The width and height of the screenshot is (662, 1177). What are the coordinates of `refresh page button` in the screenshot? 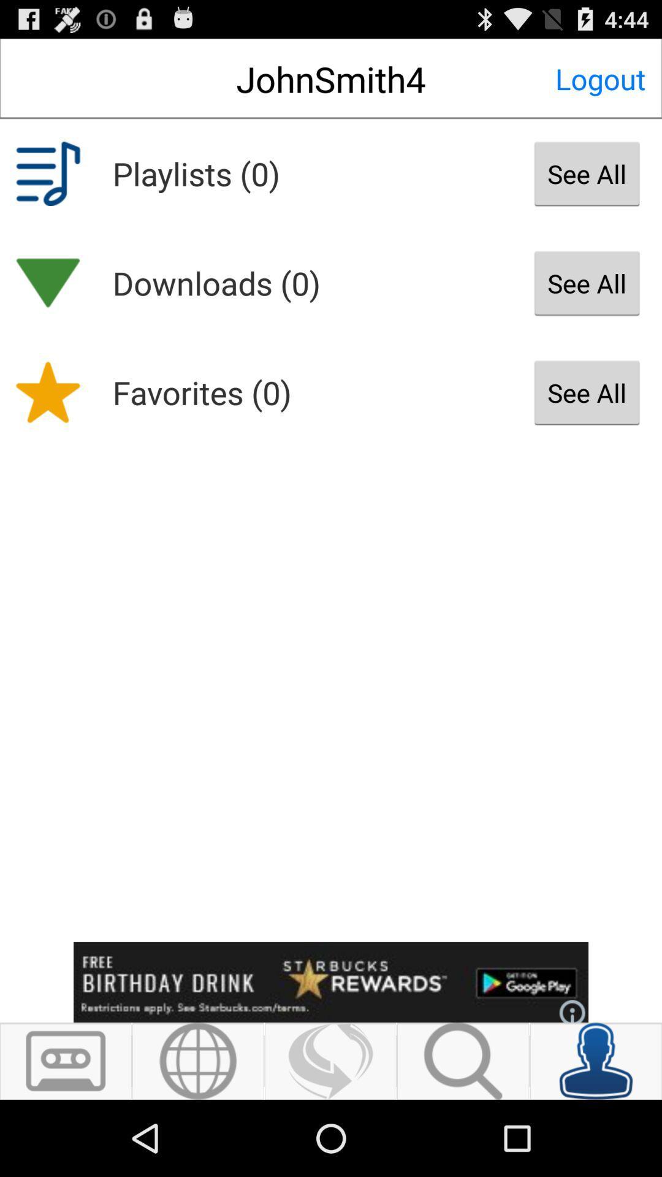 It's located at (330, 1061).